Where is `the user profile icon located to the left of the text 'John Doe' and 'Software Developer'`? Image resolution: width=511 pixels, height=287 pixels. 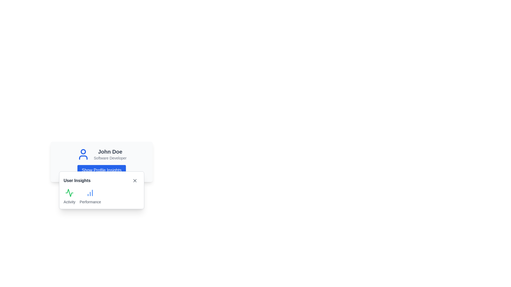 the user profile icon located to the left of the text 'John Doe' and 'Software Developer' is located at coordinates (83, 154).